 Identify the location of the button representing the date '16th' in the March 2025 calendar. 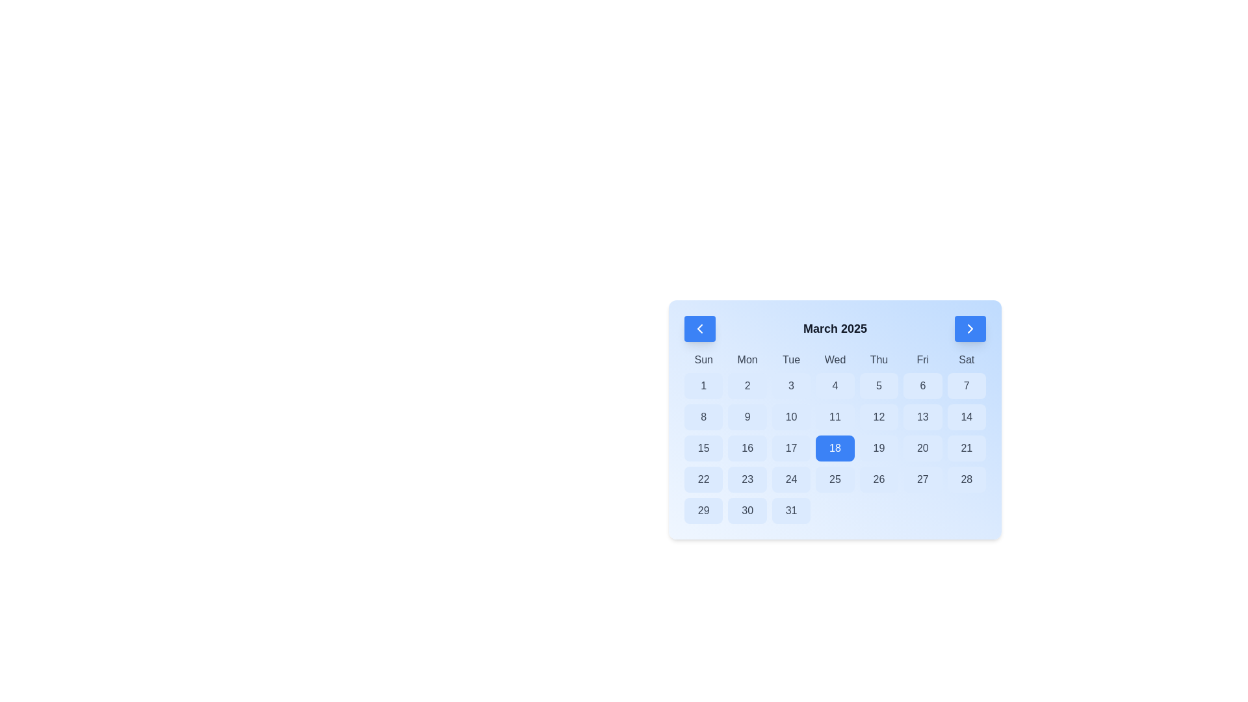
(747, 448).